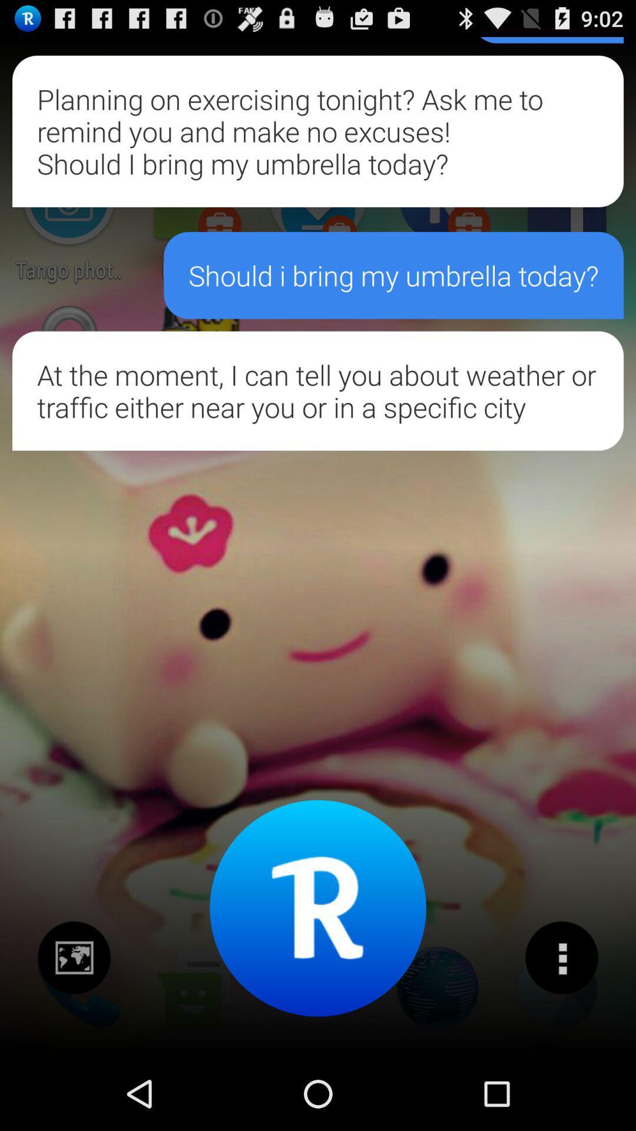 This screenshot has height=1131, width=636. What do you see at coordinates (74, 958) in the screenshot?
I see `navigate` at bounding box center [74, 958].